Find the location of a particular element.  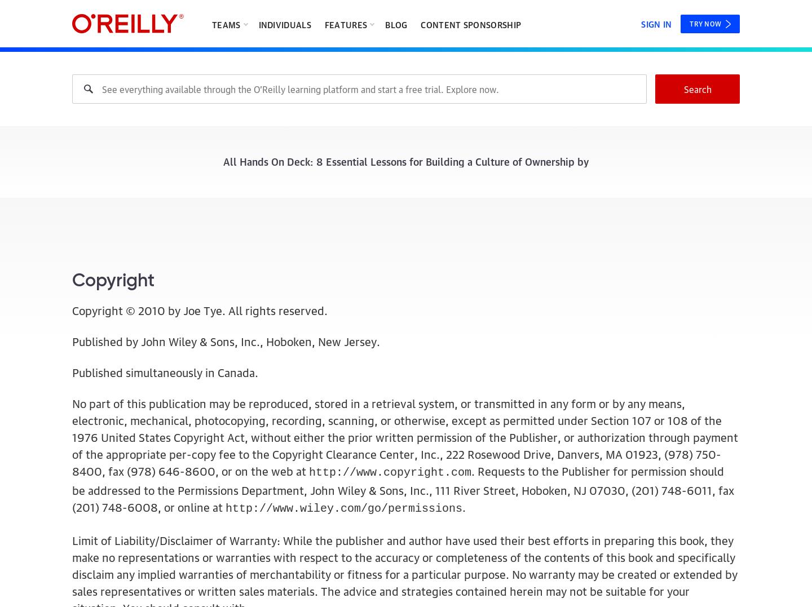

'. Requests to the Publisher for permission should be addressed to the Permissions Department, John Wiley & Sons, Inc., 111 River Street, Hoboken, NJ 07030, (201) 748-6011, fax (201) 748-6008, or online at' is located at coordinates (72, 488).